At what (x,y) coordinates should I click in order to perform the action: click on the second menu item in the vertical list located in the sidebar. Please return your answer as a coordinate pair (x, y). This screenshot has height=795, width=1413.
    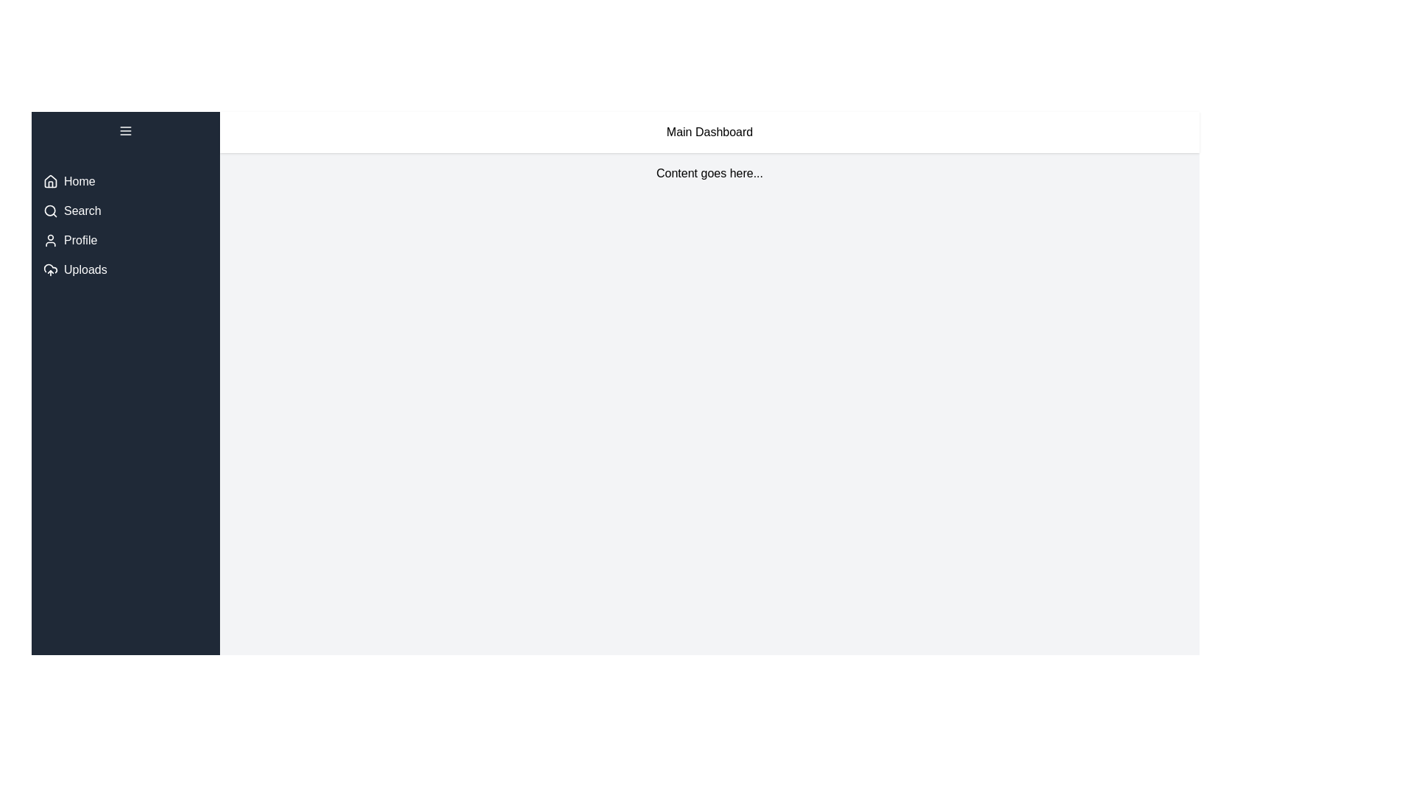
    Looking at the image, I should click on (126, 211).